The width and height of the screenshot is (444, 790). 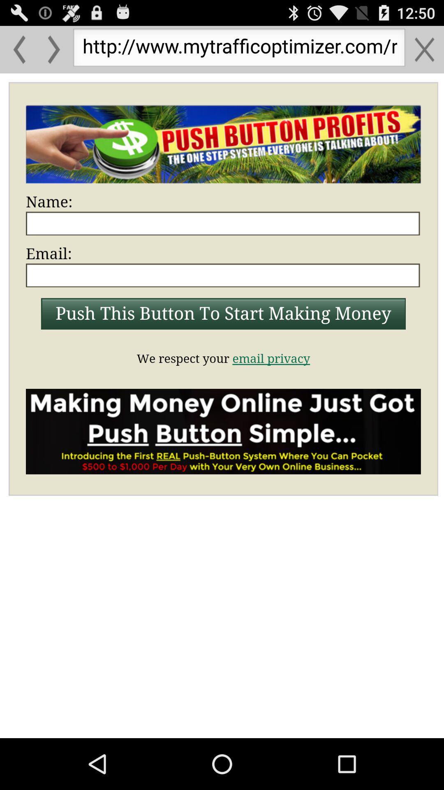 What do you see at coordinates (424, 49) in the screenshot?
I see `the button is used to close the page` at bounding box center [424, 49].